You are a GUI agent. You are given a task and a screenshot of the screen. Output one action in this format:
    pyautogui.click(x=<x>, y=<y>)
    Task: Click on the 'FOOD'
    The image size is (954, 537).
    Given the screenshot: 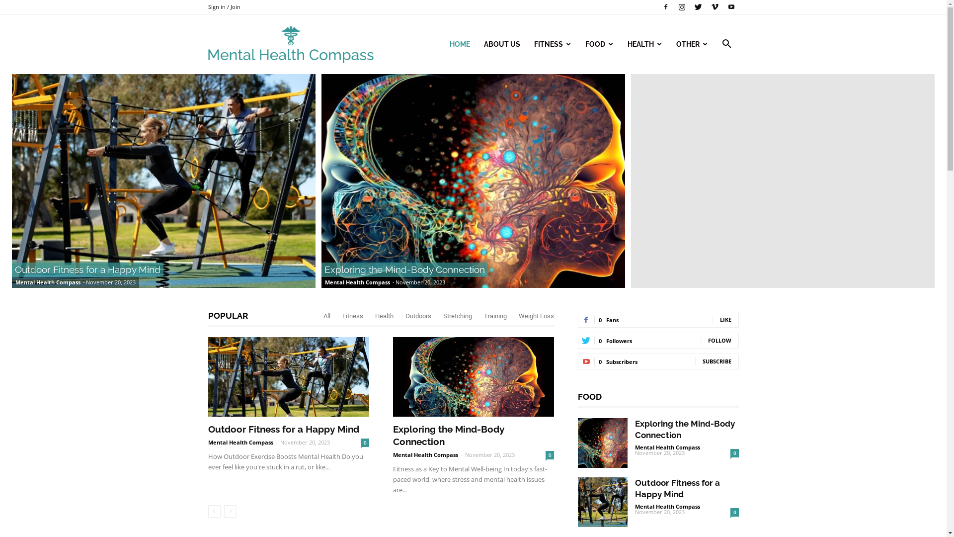 What is the action you would take?
    pyautogui.click(x=599, y=43)
    